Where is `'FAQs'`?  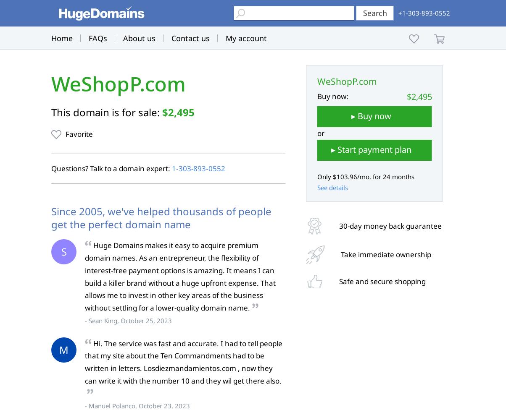 'FAQs' is located at coordinates (88, 38).